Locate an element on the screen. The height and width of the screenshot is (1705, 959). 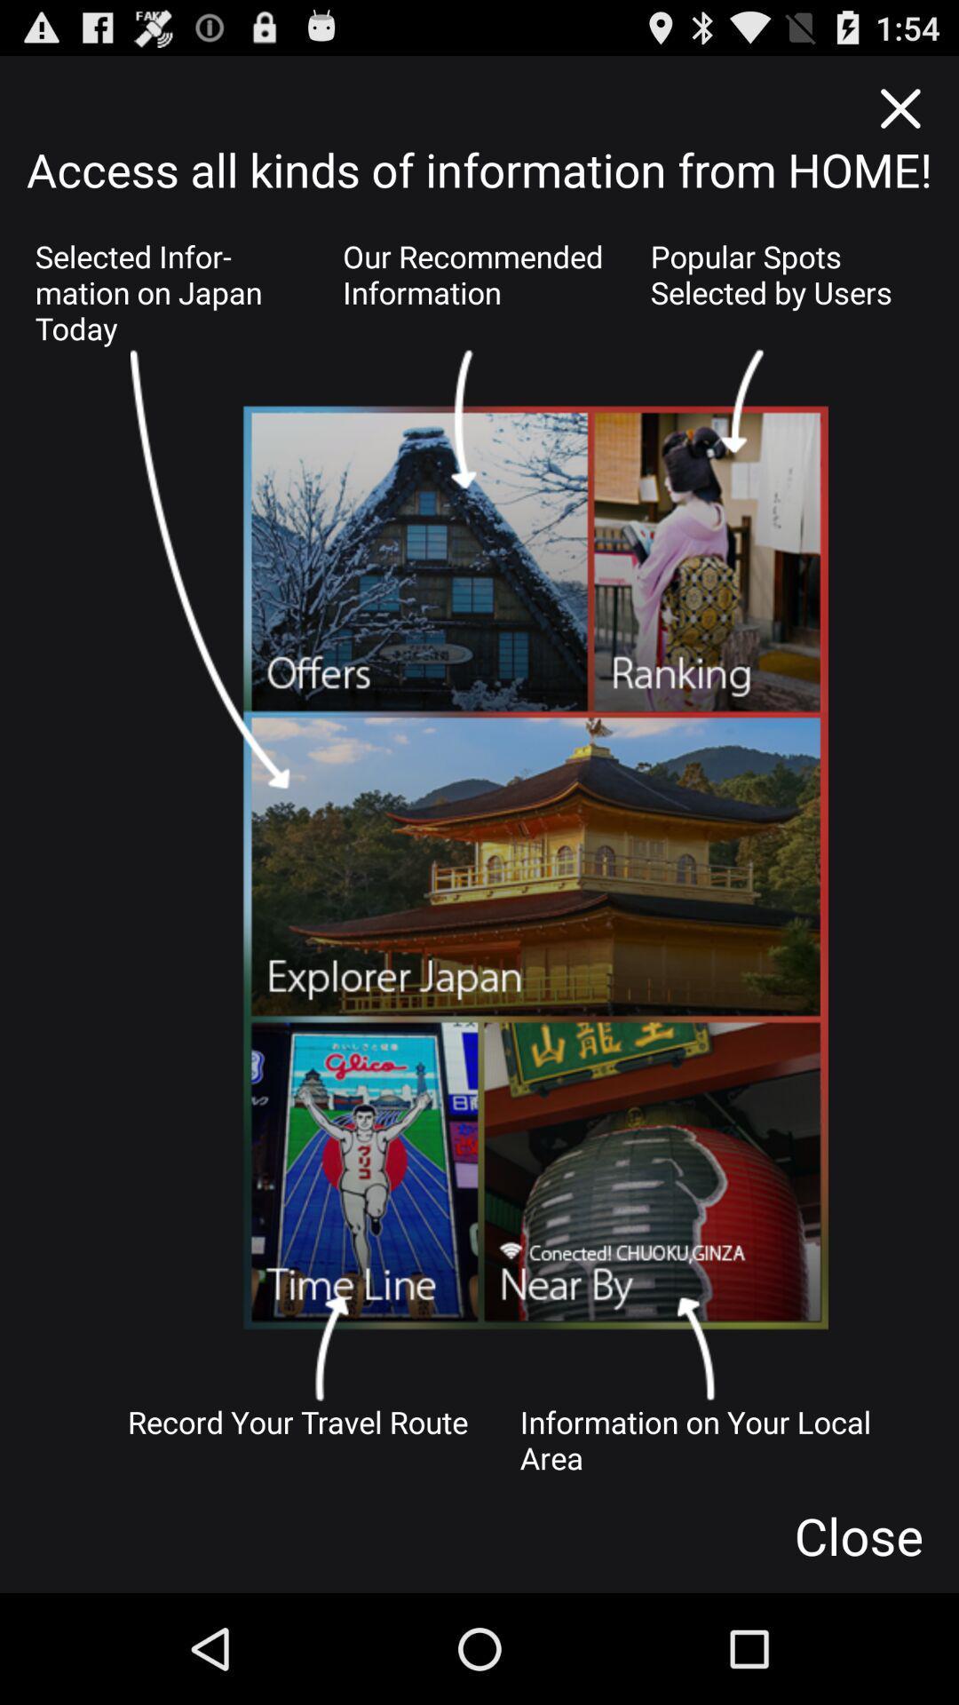
app above the access all kinds is located at coordinates (898, 107).